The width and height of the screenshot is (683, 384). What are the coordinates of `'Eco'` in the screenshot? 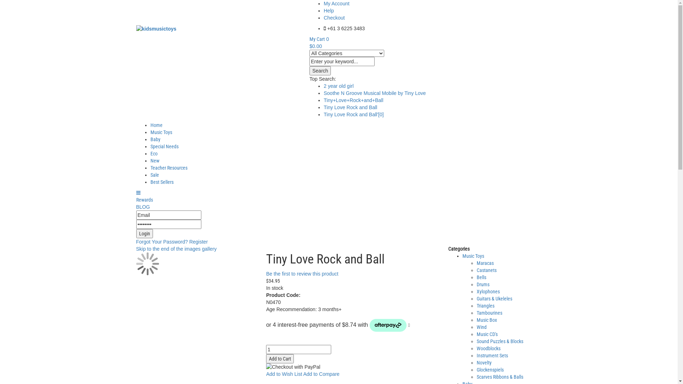 It's located at (153, 153).